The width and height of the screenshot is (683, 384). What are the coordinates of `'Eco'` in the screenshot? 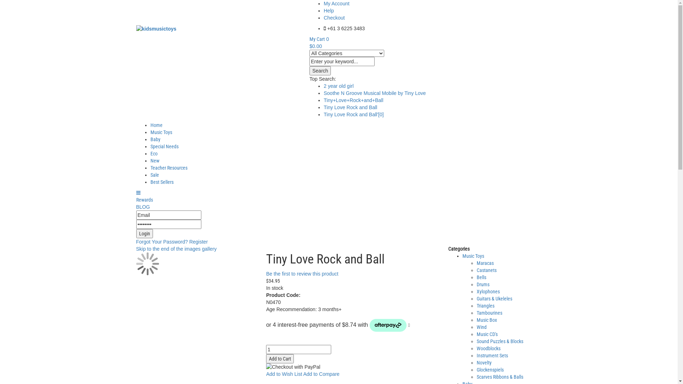 It's located at (153, 153).